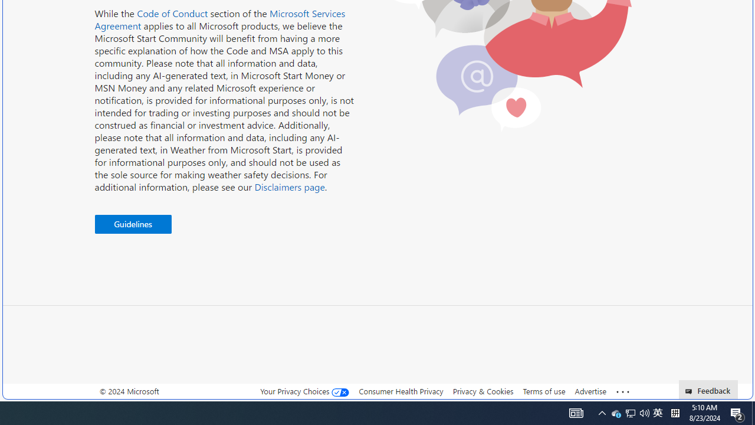  I want to click on 'Privacy & Cookies', so click(482, 391).